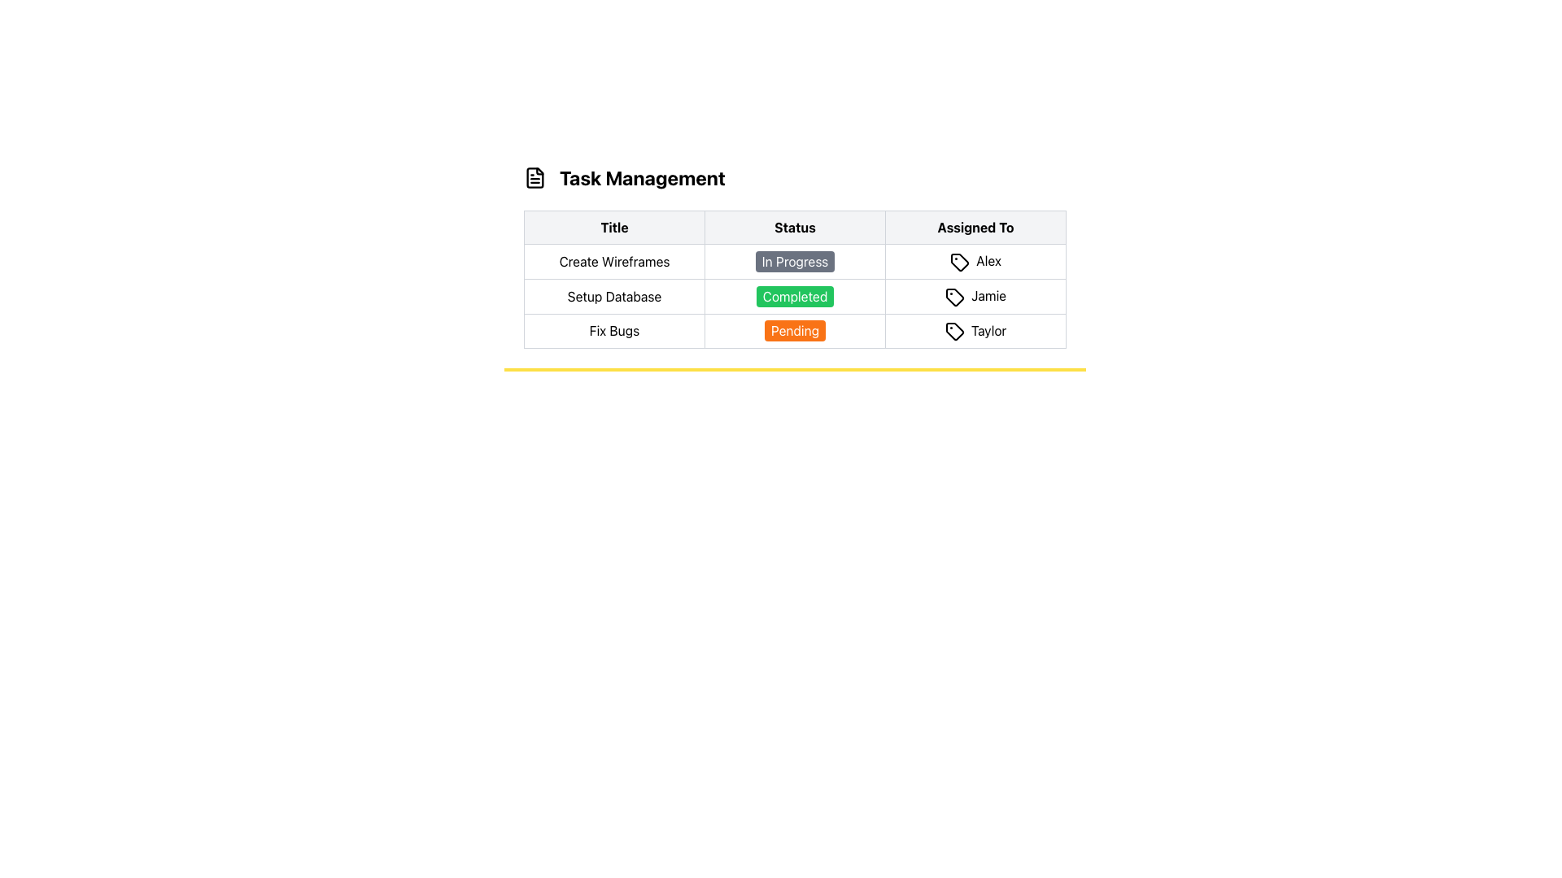 Image resolution: width=1562 pixels, height=878 pixels. Describe the element at coordinates (795, 228) in the screenshot. I see `the static label 'Status', which is a rectangular area with a light gray background and bold text, located in the top row of the table-like layout under 'Task Management'` at that location.